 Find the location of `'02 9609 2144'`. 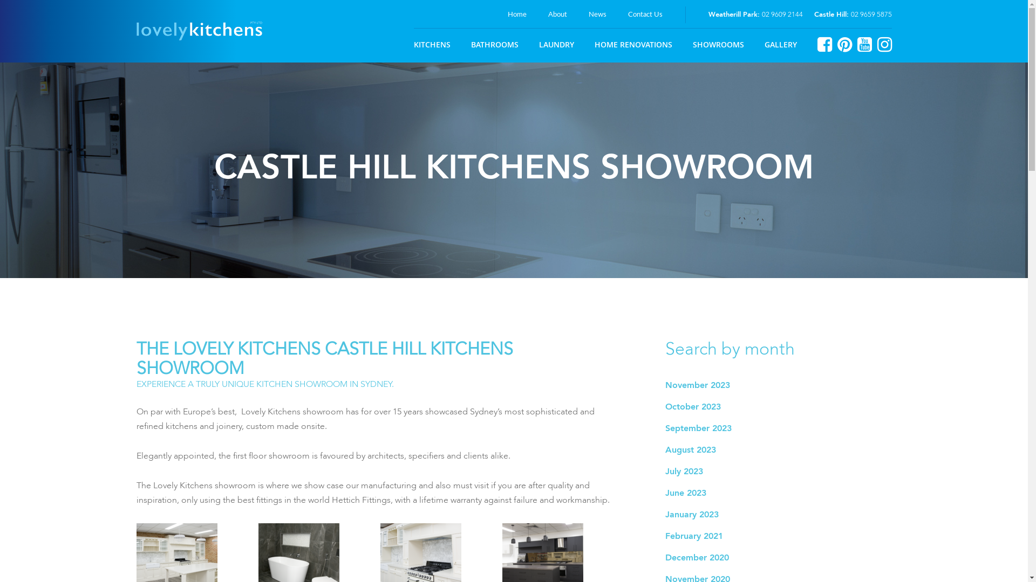

'02 9609 2144' is located at coordinates (782, 15).